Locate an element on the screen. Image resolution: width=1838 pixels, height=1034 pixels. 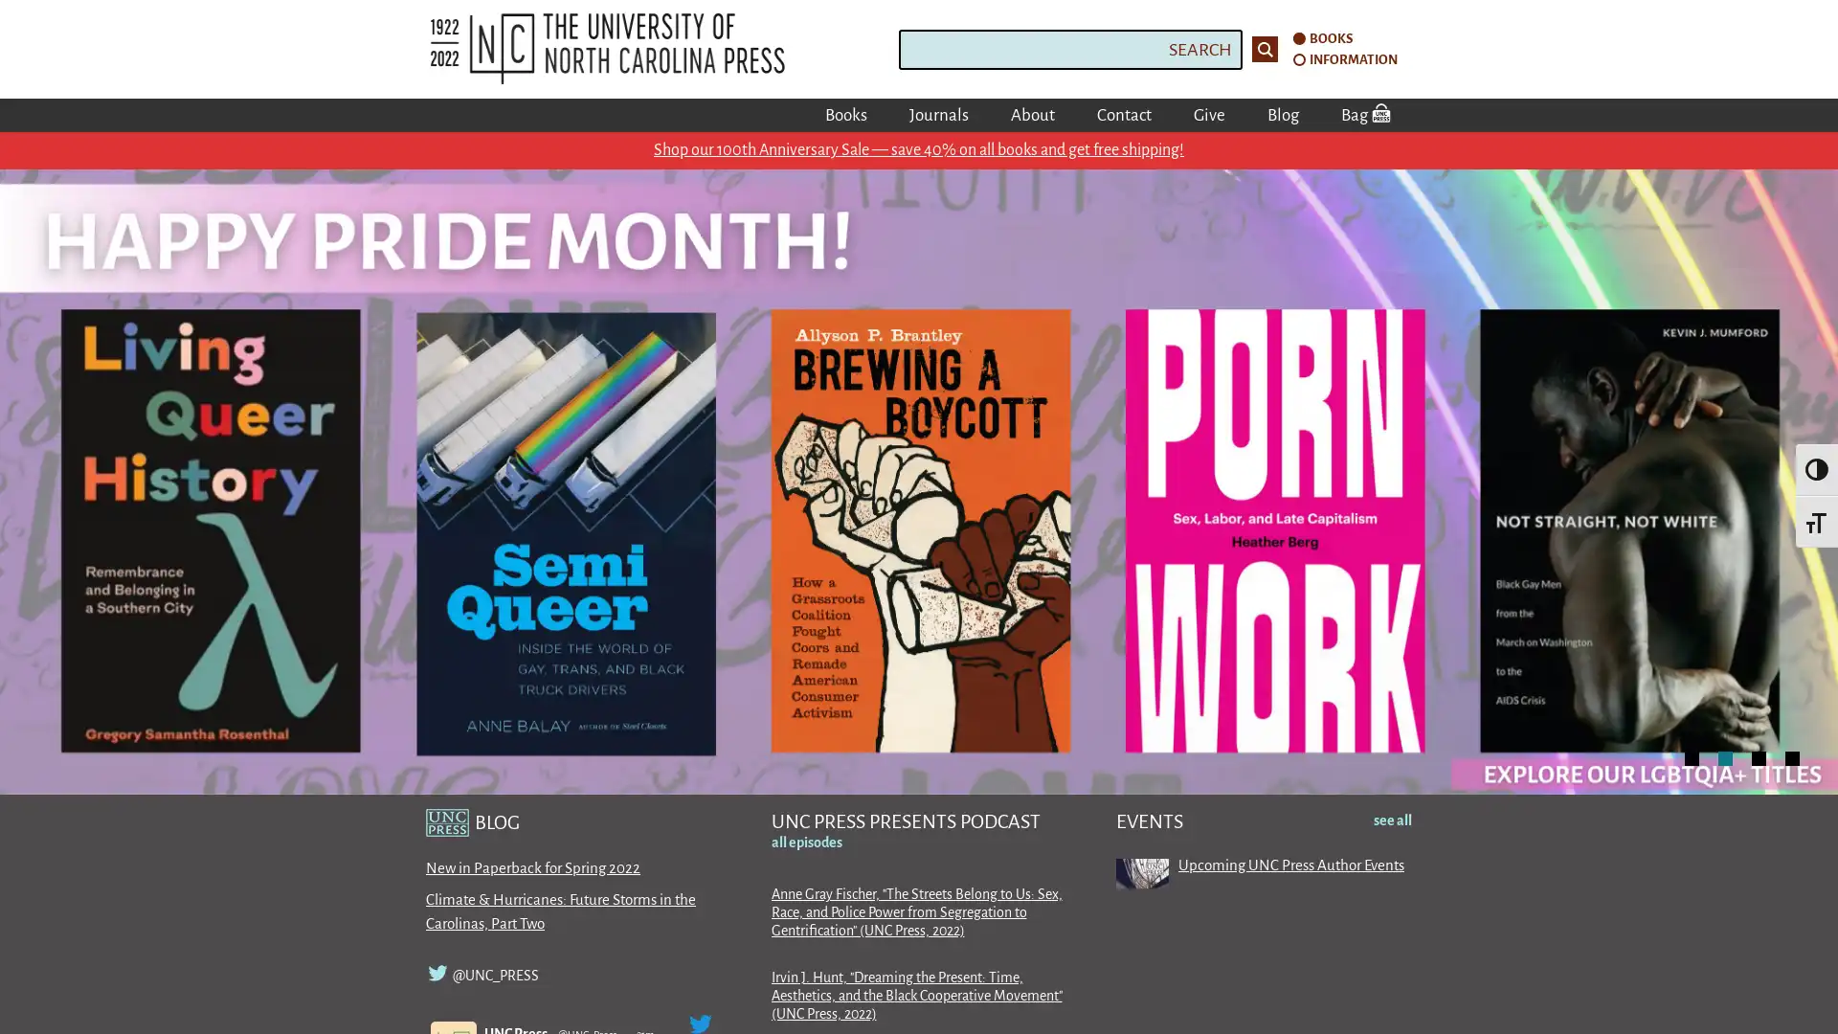
1 is located at coordinates (1692, 756).